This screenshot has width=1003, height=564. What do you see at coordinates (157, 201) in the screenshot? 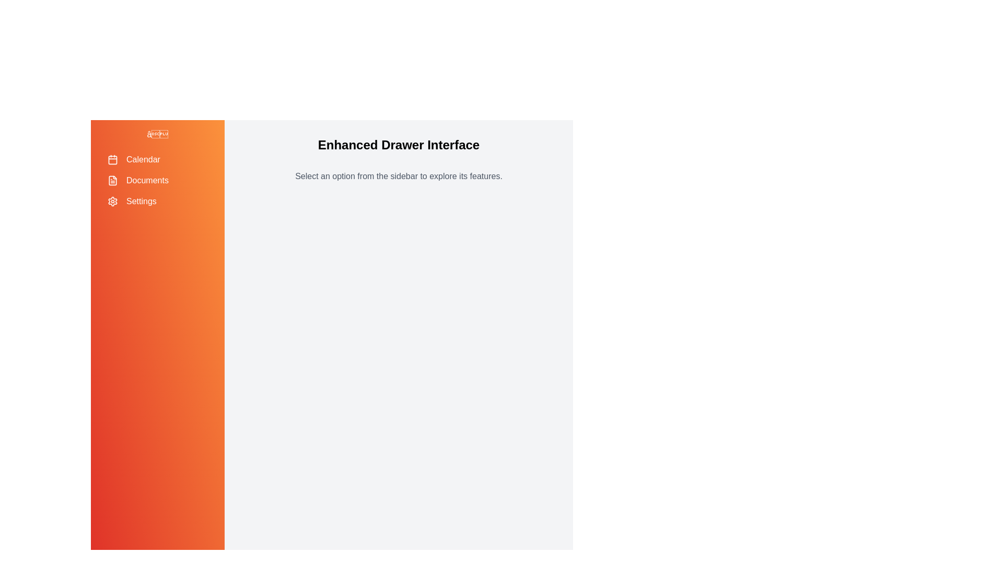
I see `the menu item Settings to navigate` at bounding box center [157, 201].